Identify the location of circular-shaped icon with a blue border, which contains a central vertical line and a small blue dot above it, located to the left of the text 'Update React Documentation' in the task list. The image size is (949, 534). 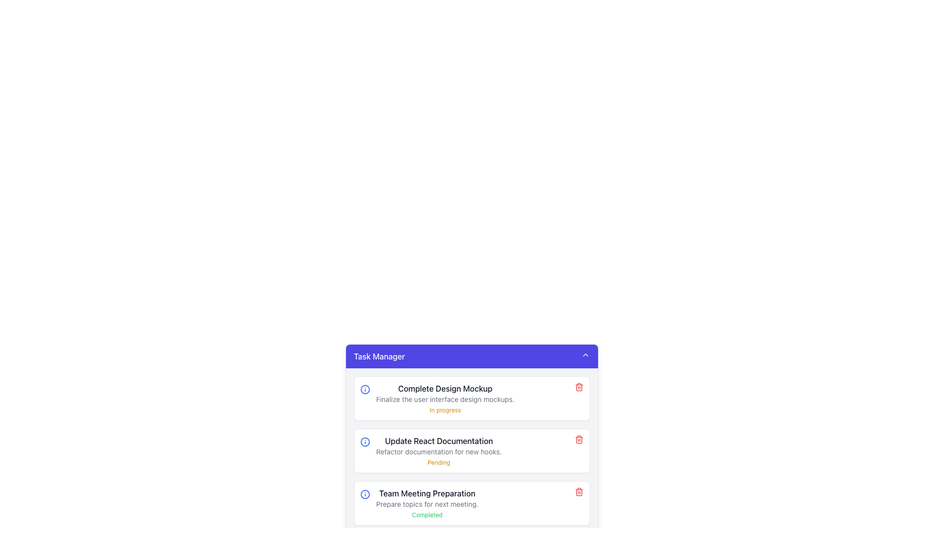
(365, 442).